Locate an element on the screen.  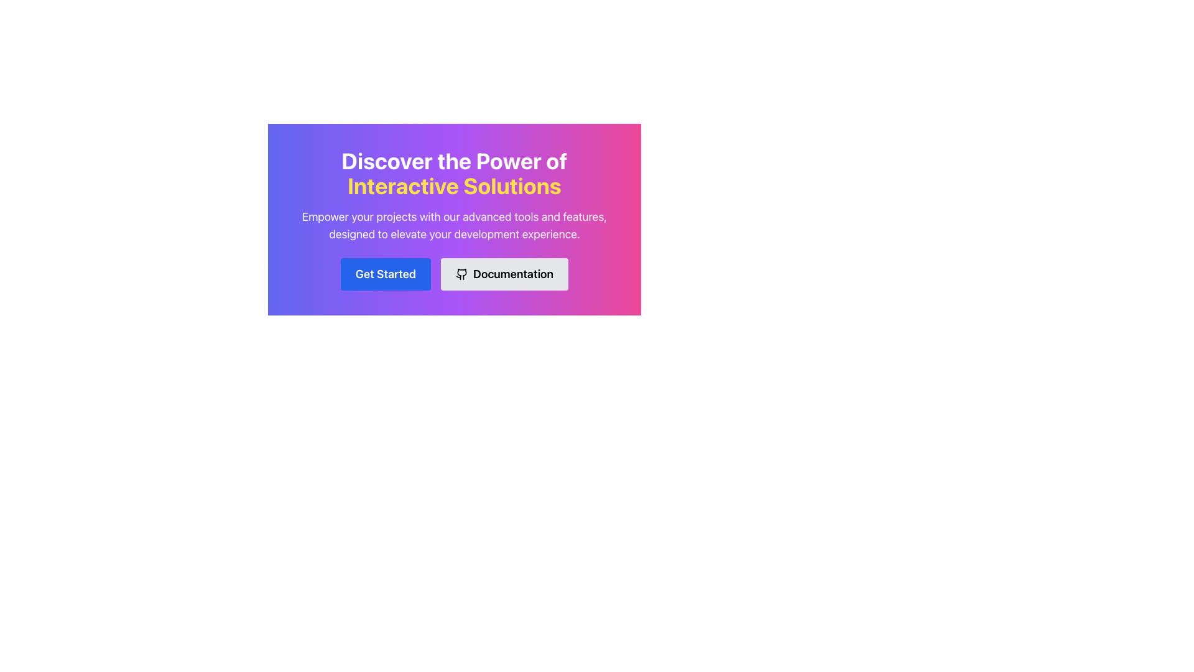
the main heading text located at the top-center of the card-like section, which conveys key information about the section's purpose and focus is located at coordinates (453, 173).